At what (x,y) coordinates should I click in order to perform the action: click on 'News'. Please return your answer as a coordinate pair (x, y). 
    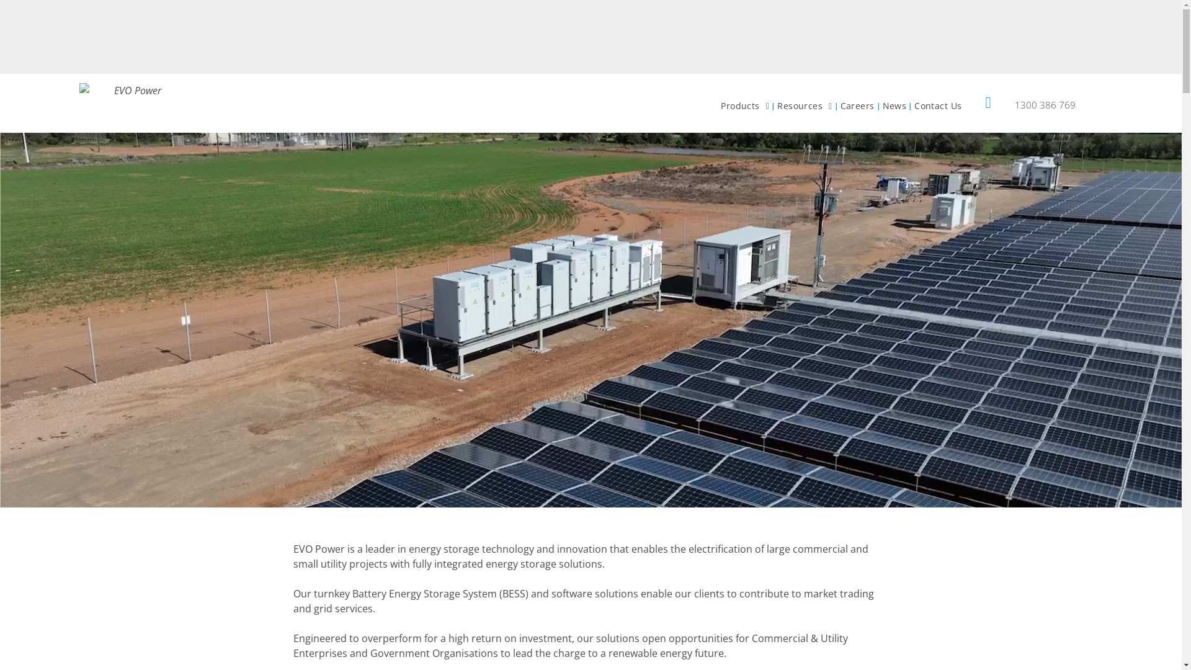
    Looking at the image, I should click on (894, 105).